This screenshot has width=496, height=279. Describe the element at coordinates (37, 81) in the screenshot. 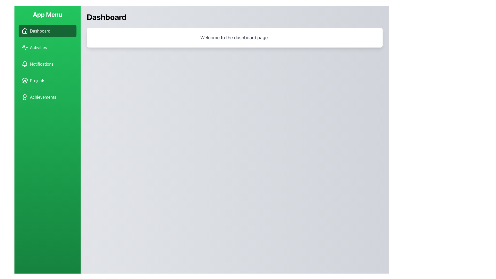

I see `text of the 'Projects' label, which is displayed in white font on a green background in the navigational sidebar, specifically the fourth item after 'Dashboard', 'Activities', and 'Notifications'` at that location.